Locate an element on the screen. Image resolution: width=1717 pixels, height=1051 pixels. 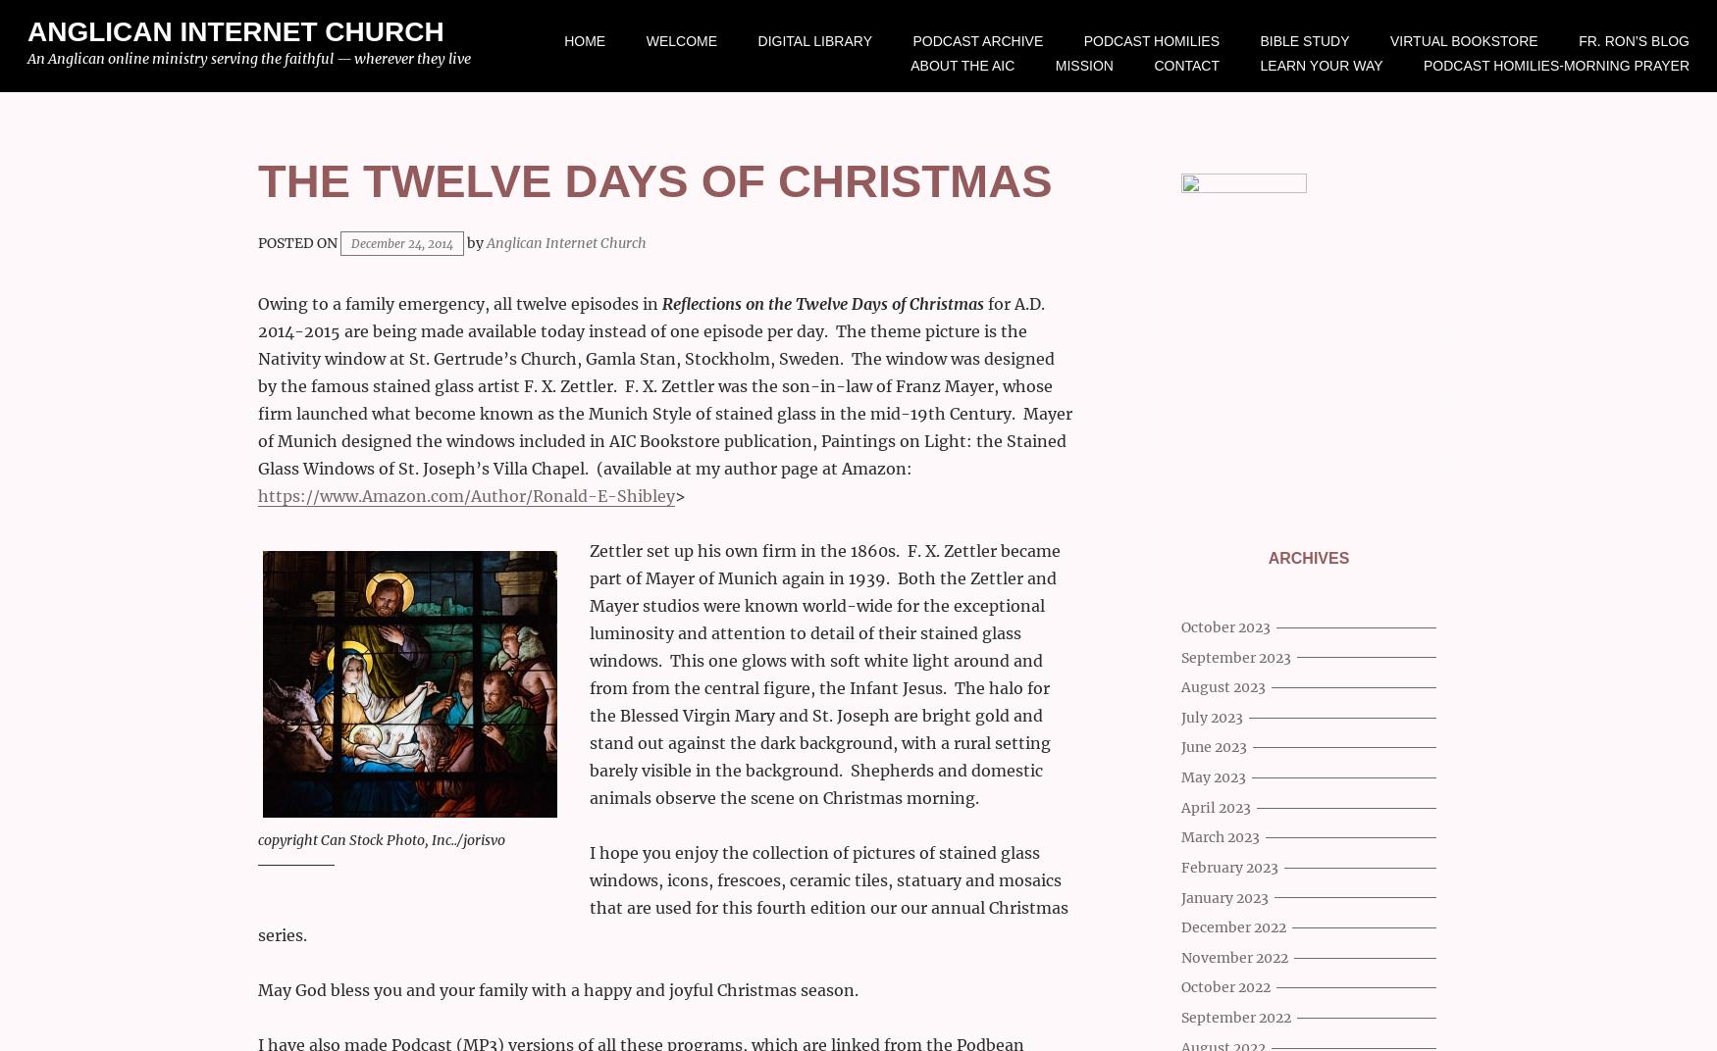
'Archives' is located at coordinates (1267, 557).